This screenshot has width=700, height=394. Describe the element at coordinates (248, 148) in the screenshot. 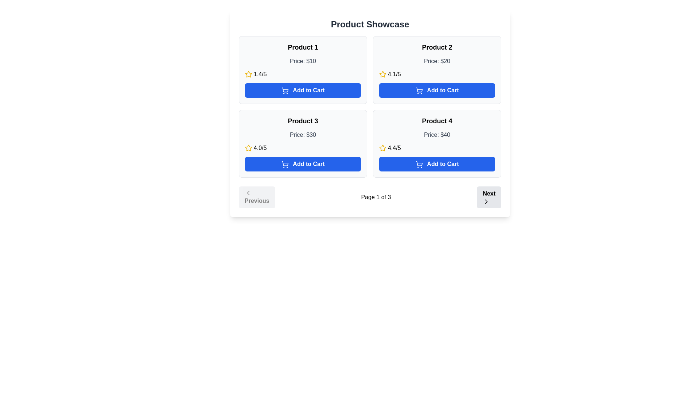

I see `the star icon indicating the rating score of 'Product 3', located in the second row and first column of the product grid, above the rating text '4.0/5'` at that location.